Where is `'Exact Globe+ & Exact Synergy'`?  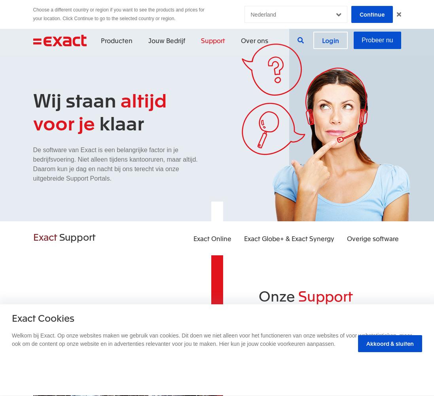 'Exact Globe+ & Exact Synergy' is located at coordinates (288, 238).